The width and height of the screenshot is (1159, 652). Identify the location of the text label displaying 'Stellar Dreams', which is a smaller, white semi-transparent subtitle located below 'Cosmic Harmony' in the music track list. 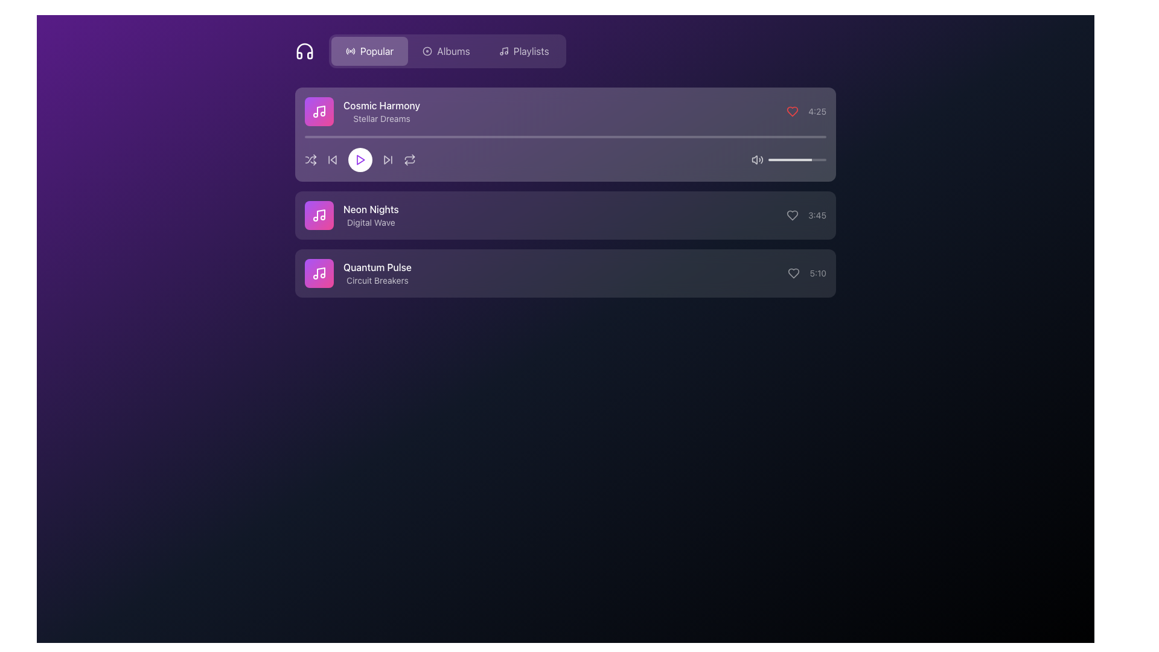
(381, 118).